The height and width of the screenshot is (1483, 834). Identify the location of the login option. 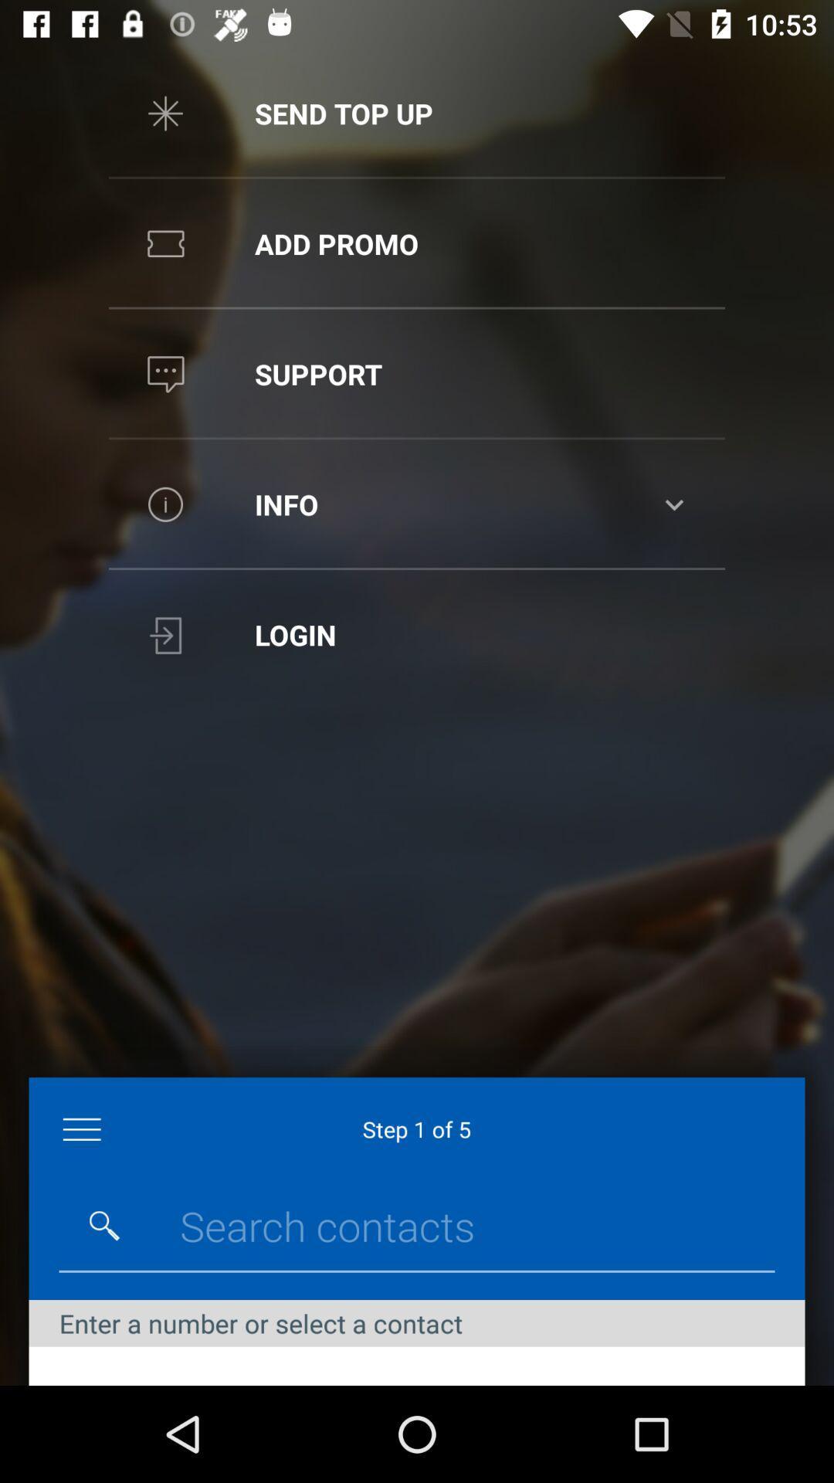
(417, 634).